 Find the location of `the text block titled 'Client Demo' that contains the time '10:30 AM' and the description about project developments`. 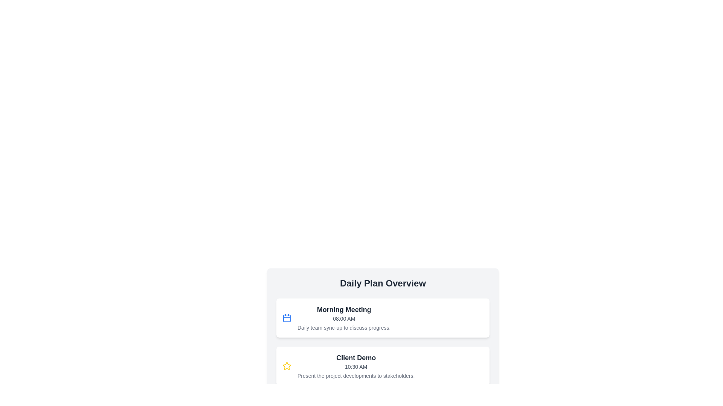

the text block titled 'Client Demo' that contains the time '10:30 AM' and the description about project developments is located at coordinates (355, 366).